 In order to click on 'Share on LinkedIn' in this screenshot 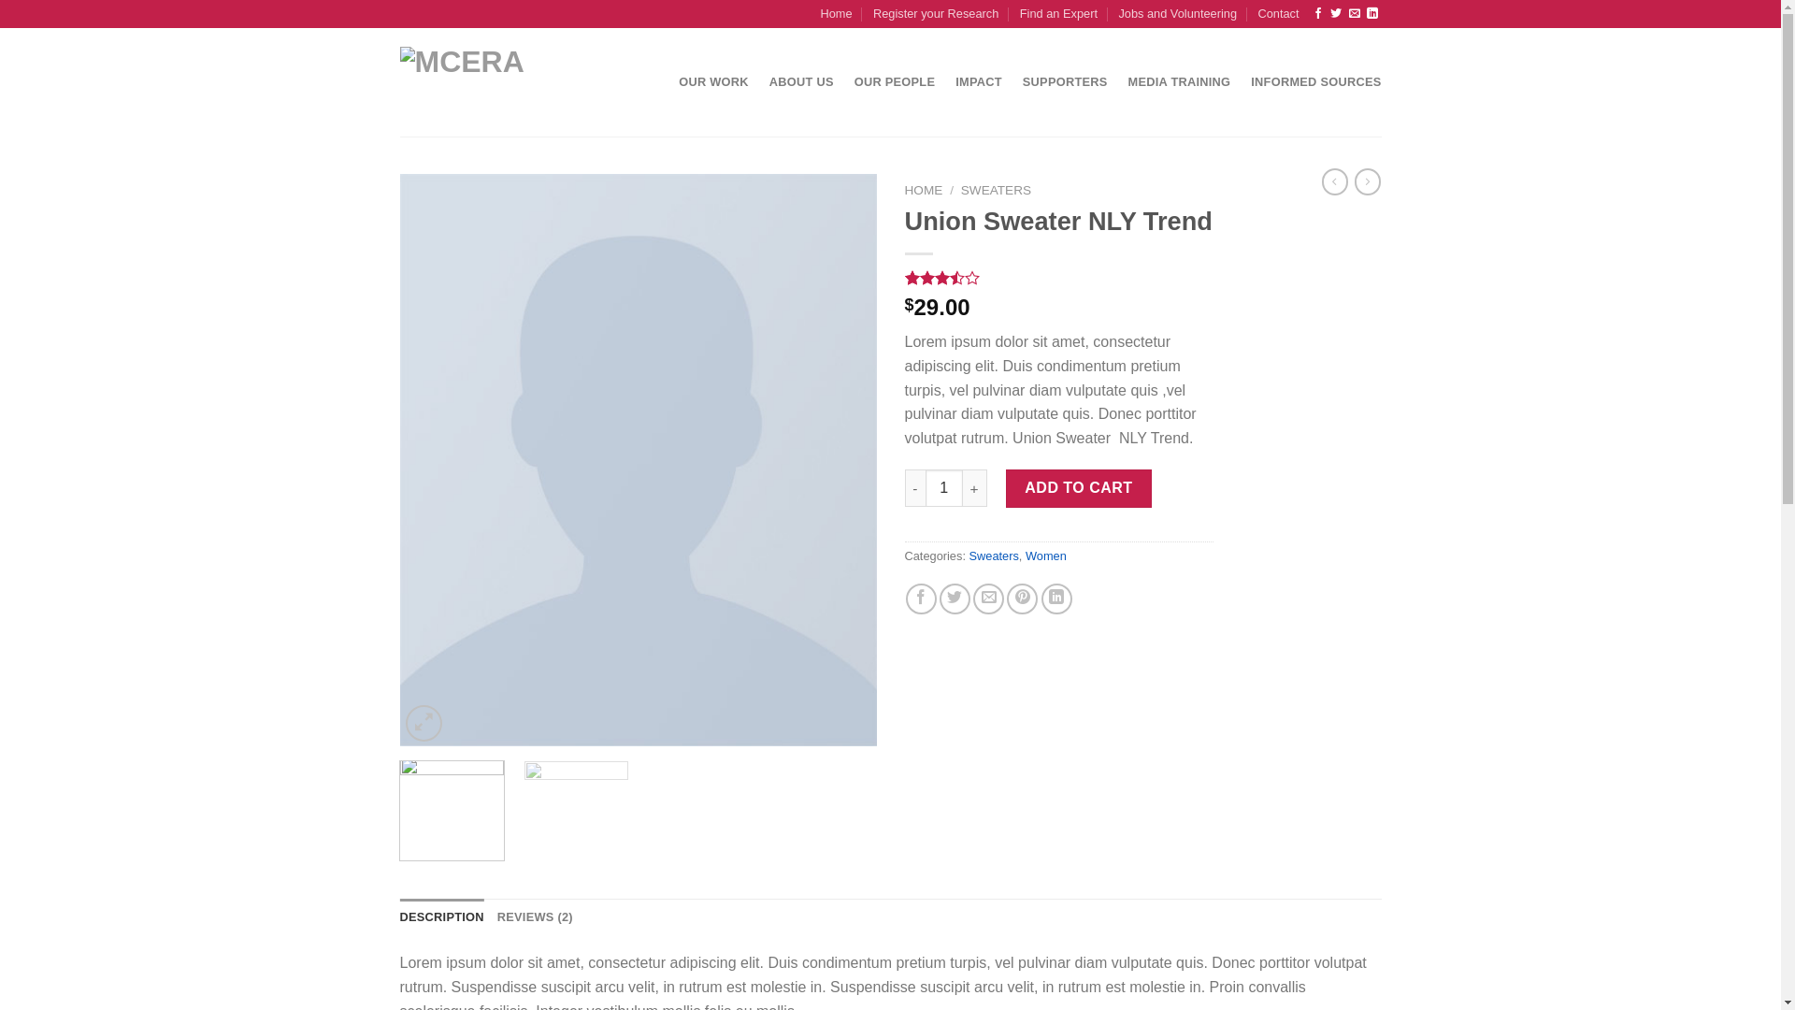, I will do `click(1040, 599)`.